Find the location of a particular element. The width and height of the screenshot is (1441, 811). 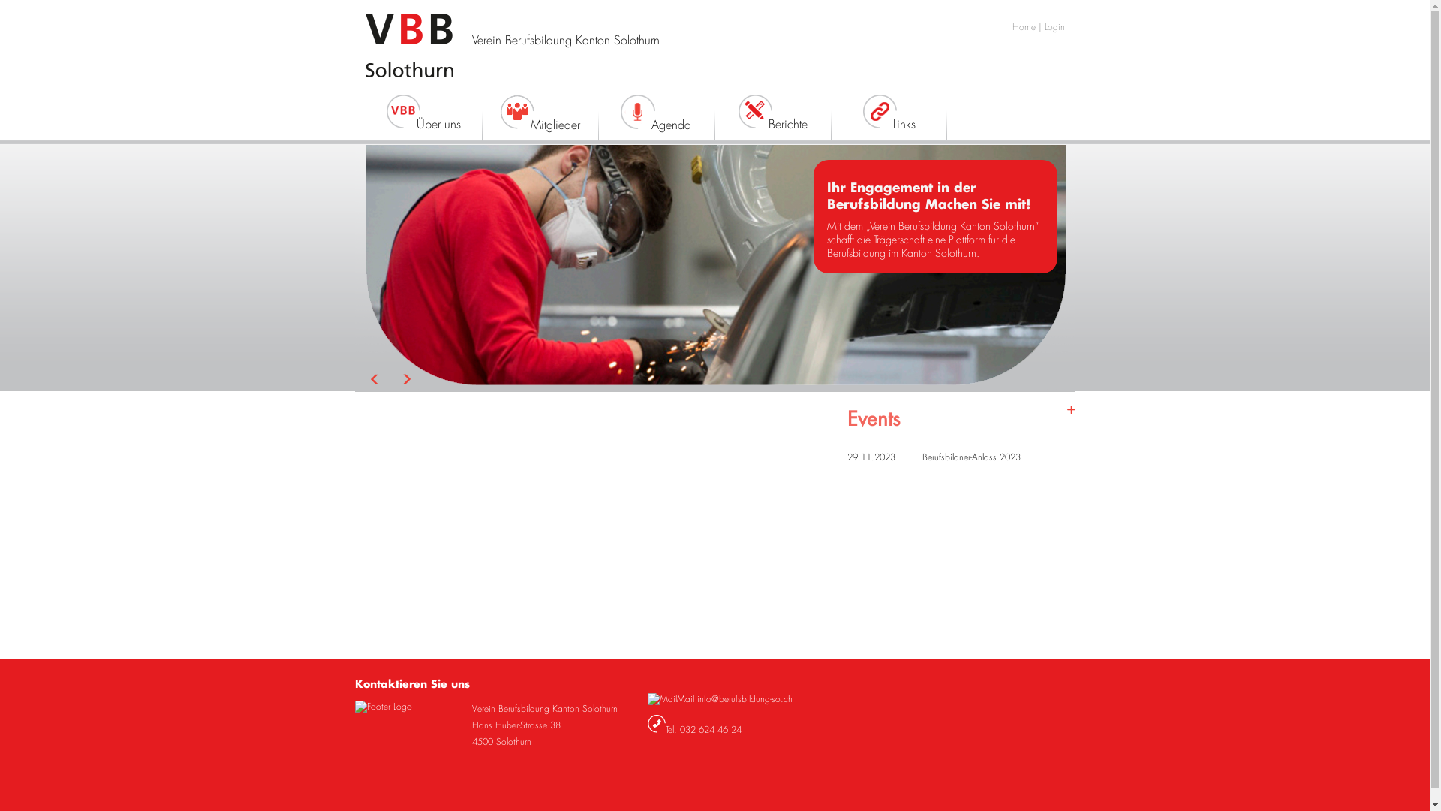

'Events' is located at coordinates (961, 418).